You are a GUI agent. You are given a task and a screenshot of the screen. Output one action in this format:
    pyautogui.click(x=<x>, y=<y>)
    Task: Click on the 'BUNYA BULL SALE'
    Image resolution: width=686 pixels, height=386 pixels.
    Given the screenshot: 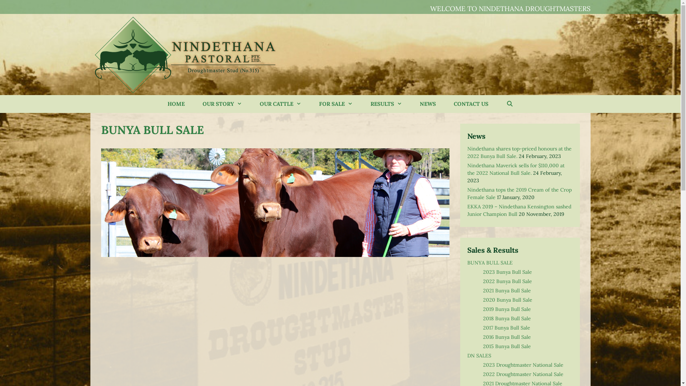 What is the action you would take?
    pyautogui.click(x=467, y=263)
    